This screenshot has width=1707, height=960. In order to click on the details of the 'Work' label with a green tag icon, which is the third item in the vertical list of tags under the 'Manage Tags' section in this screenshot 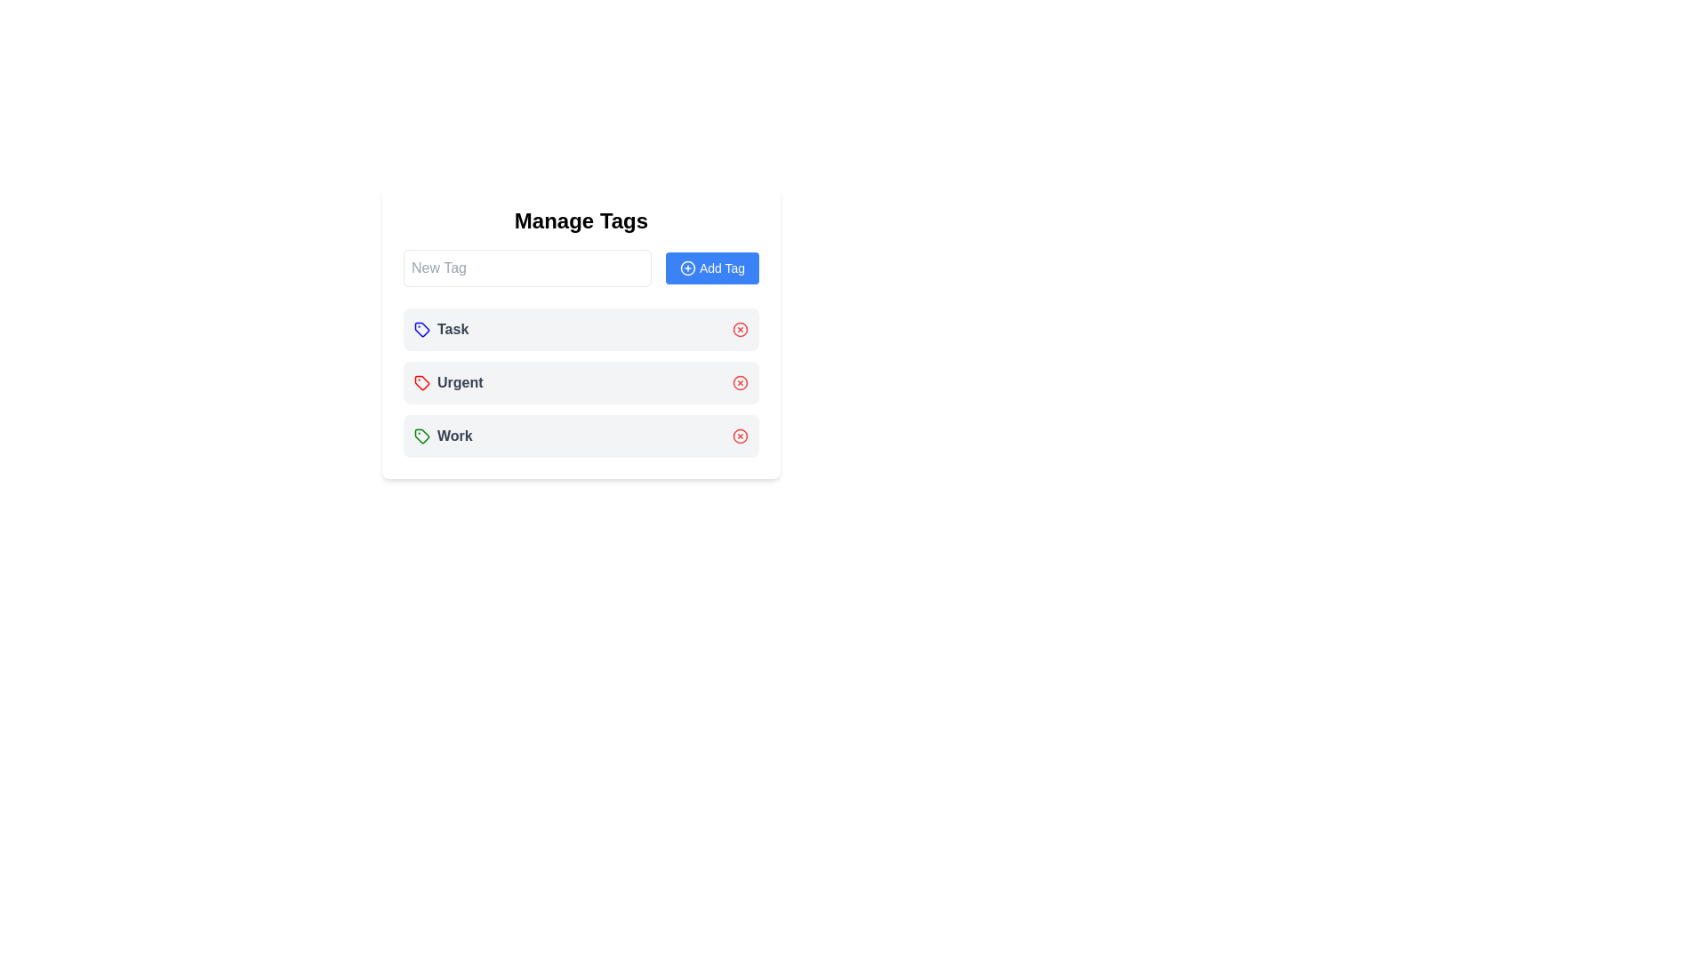, I will do `click(443, 436)`.